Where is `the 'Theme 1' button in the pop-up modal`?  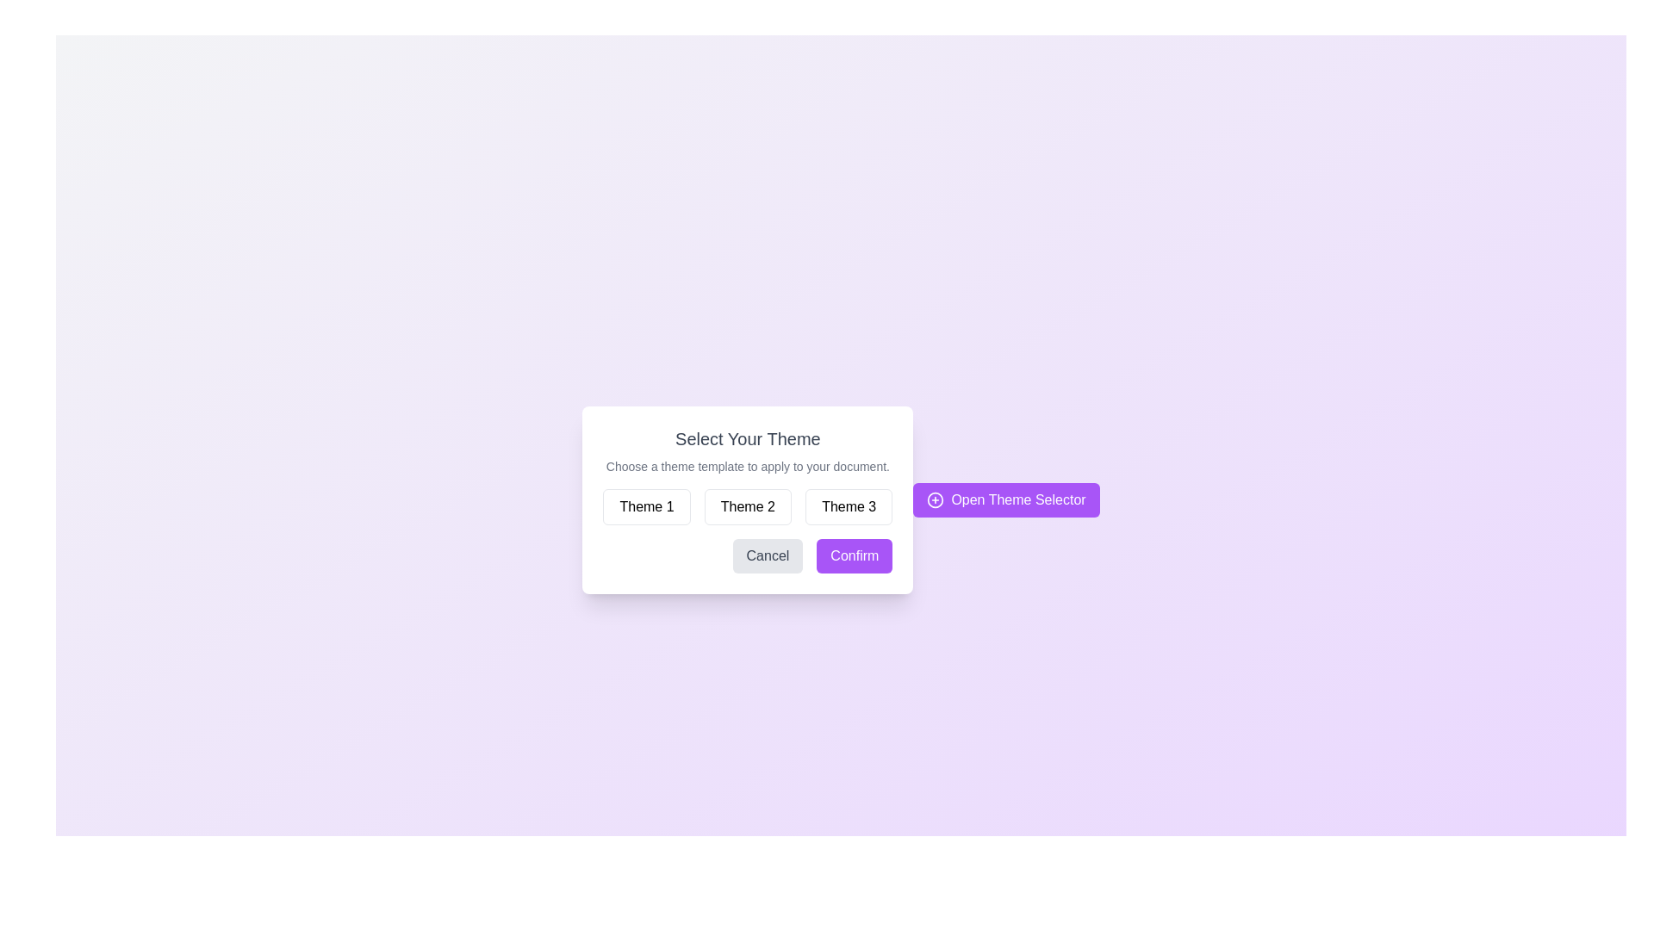 the 'Theme 1' button in the pop-up modal is located at coordinates (646, 506).